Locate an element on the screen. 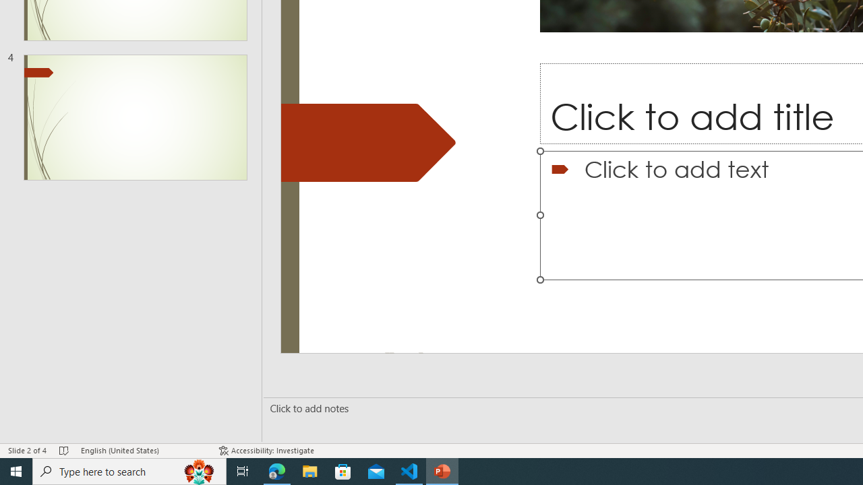 Image resolution: width=863 pixels, height=485 pixels. 'Decorative Locked' is located at coordinates (368, 143).